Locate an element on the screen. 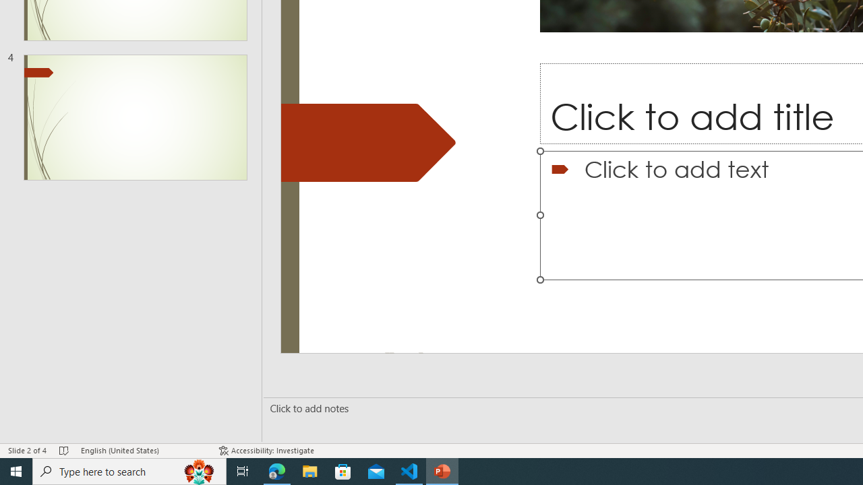 Image resolution: width=863 pixels, height=485 pixels. 'Decorative Locked' is located at coordinates (368, 143).